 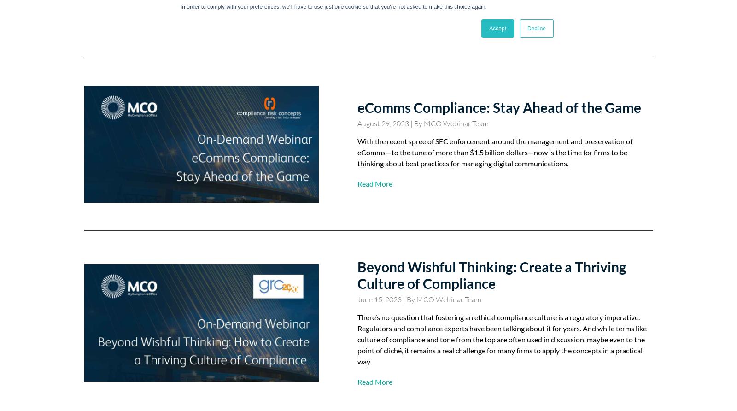 I want to click on 'In order to comply with your preferences, we'll have to use just one cookie so that you're not asked to make this choice again.', so click(x=333, y=6).